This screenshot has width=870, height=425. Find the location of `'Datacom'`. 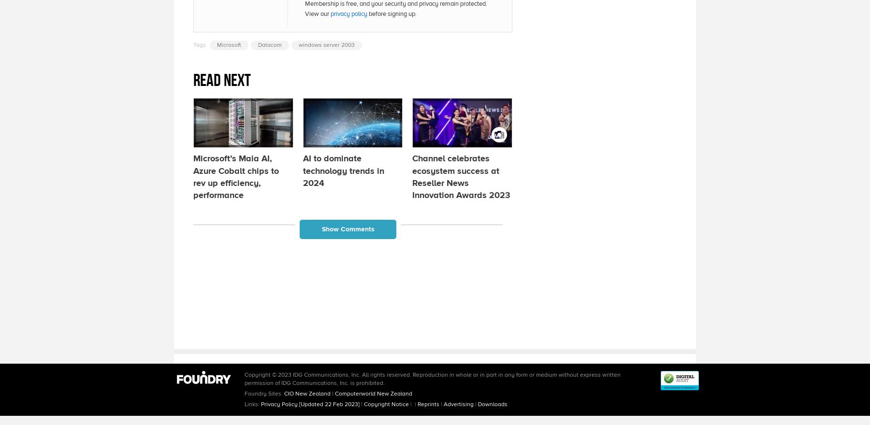

'Datacom' is located at coordinates (258, 44).